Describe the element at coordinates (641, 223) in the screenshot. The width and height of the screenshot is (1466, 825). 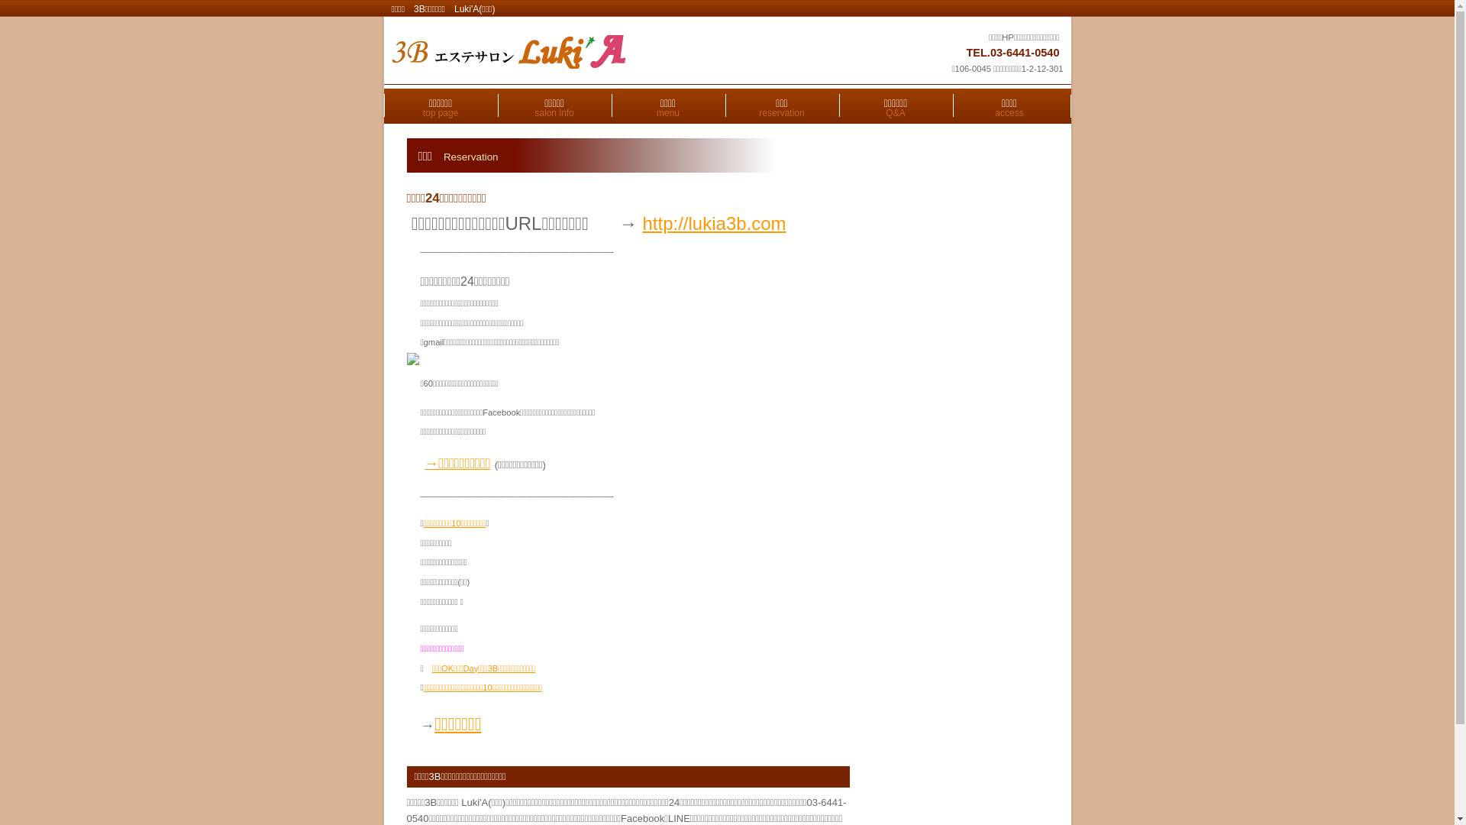
I see `'http://lukia3b.com'` at that location.